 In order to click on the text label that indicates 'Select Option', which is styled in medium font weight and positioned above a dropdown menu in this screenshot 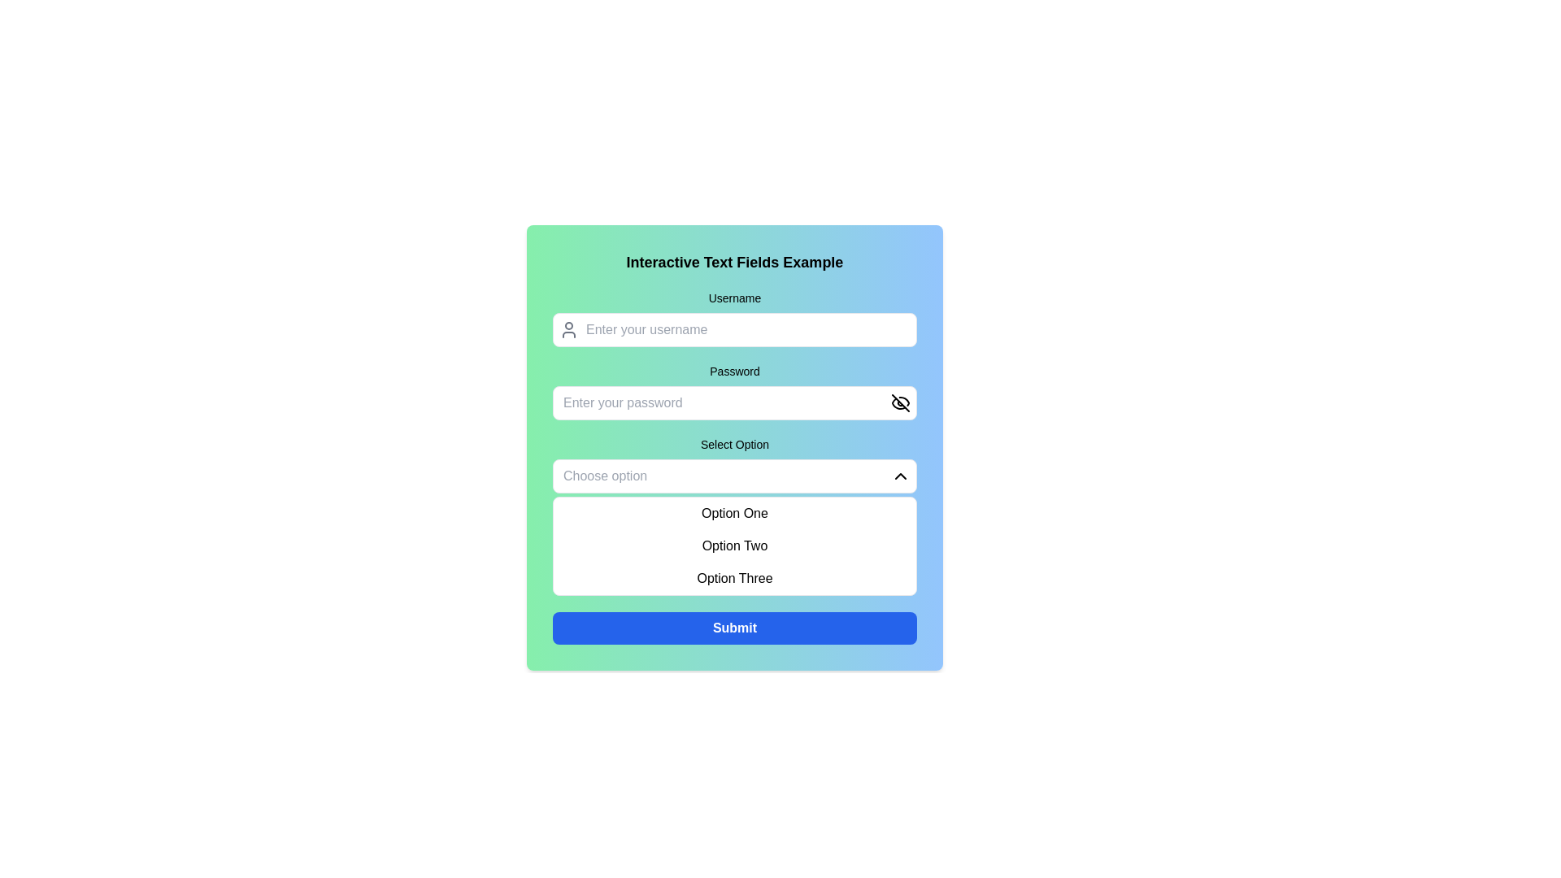, I will do `click(733, 445)`.